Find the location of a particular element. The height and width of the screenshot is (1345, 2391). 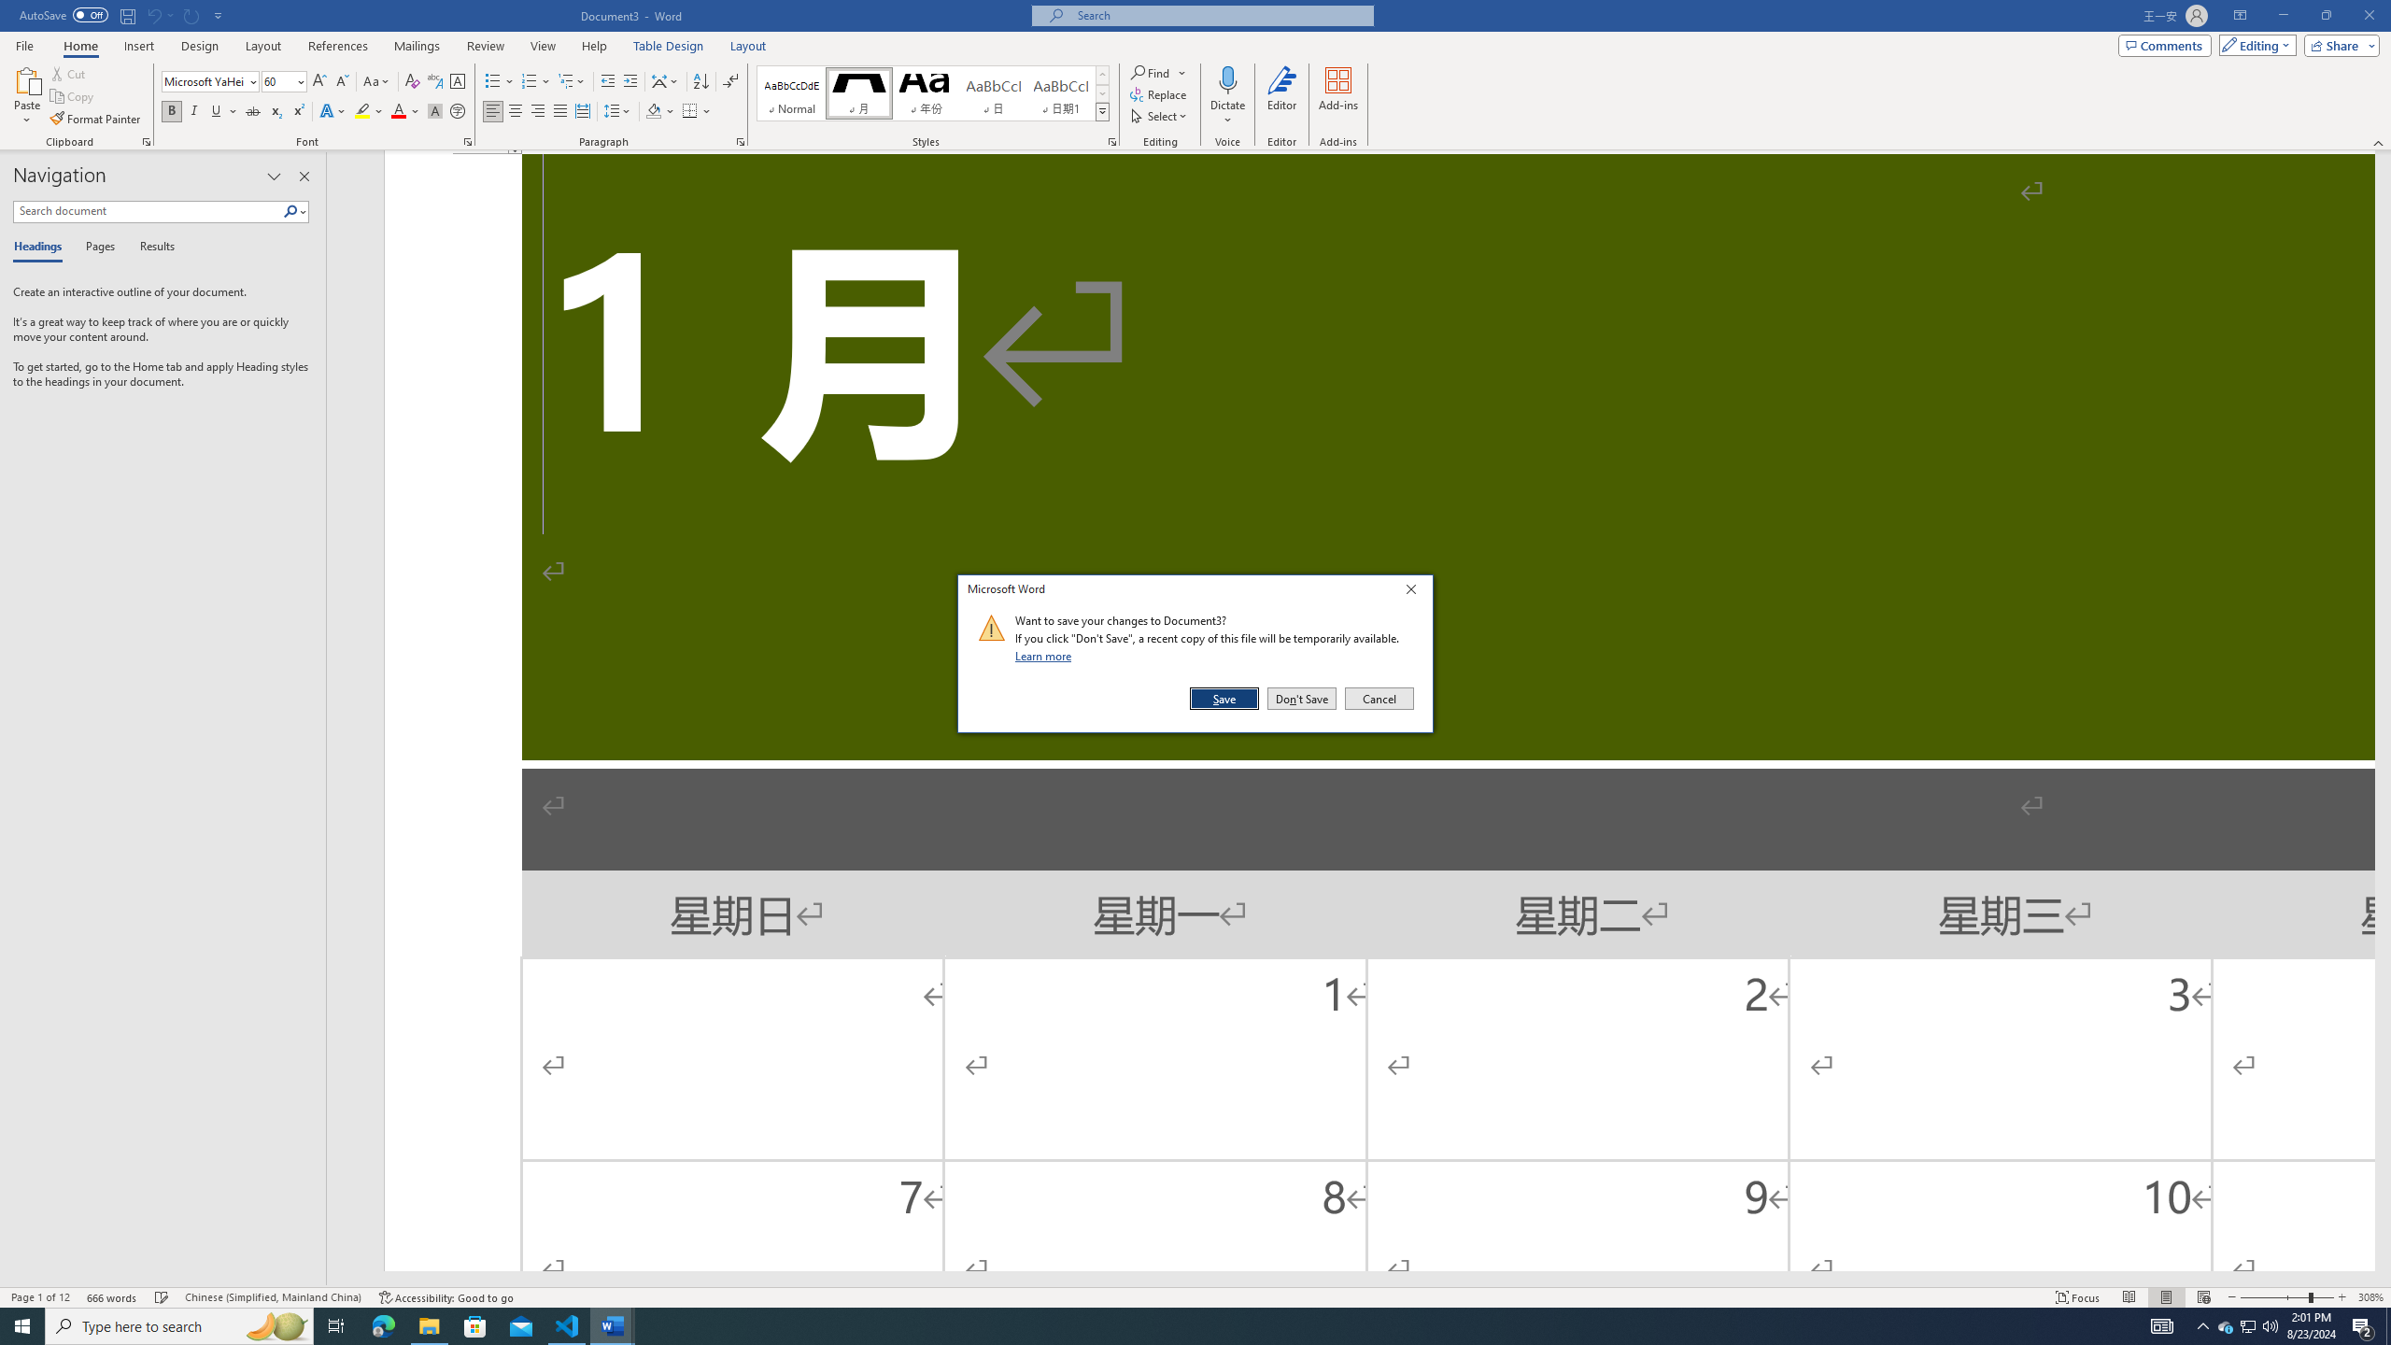

'Align Left' is located at coordinates (492, 110).